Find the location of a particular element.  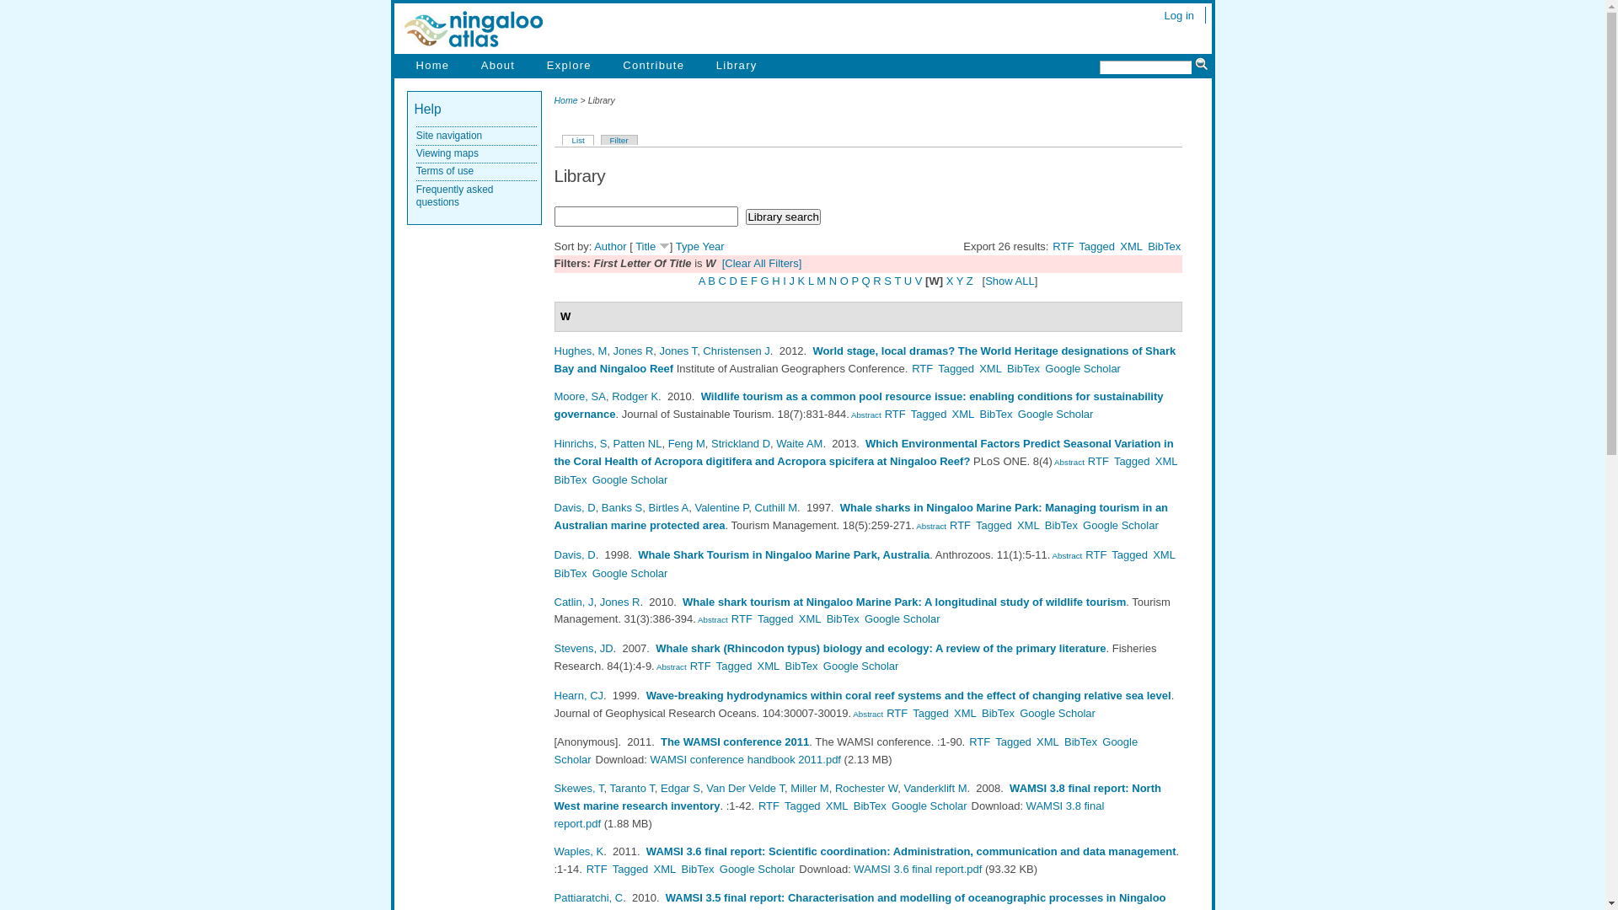

'Title' is located at coordinates (645, 246).